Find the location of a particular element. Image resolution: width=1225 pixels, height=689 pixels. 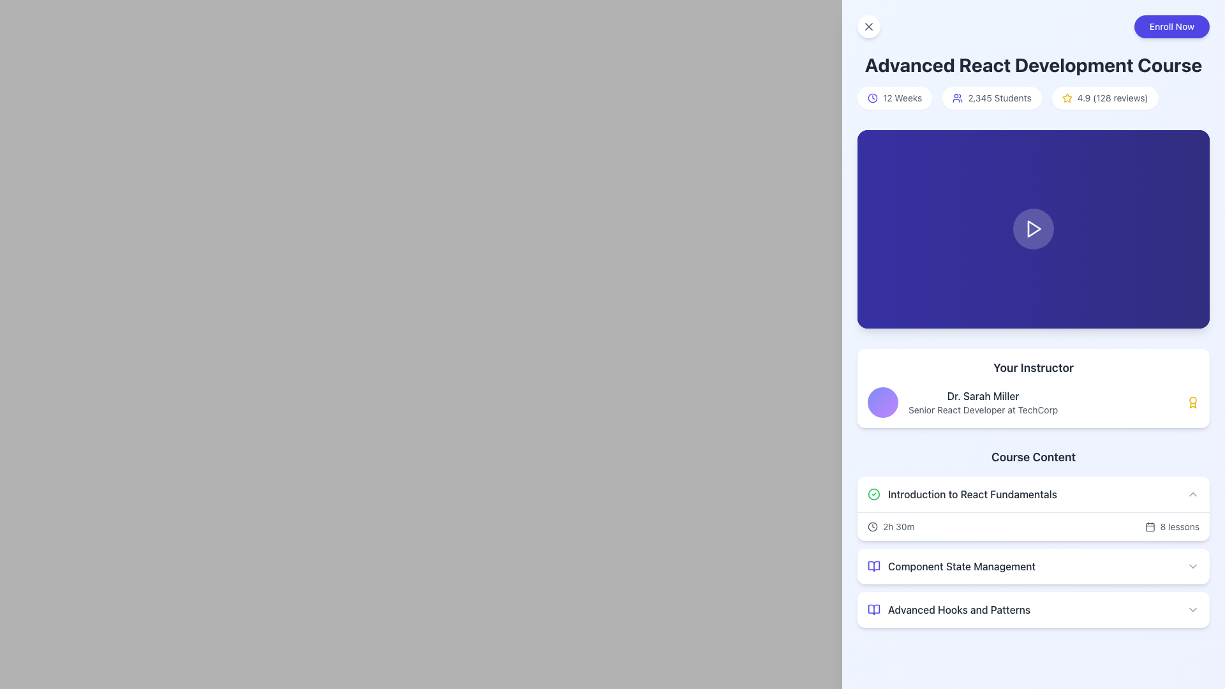

the SVG rectangle element that represents the primary calendar visual in the calendar icon is located at coordinates (1150, 527).